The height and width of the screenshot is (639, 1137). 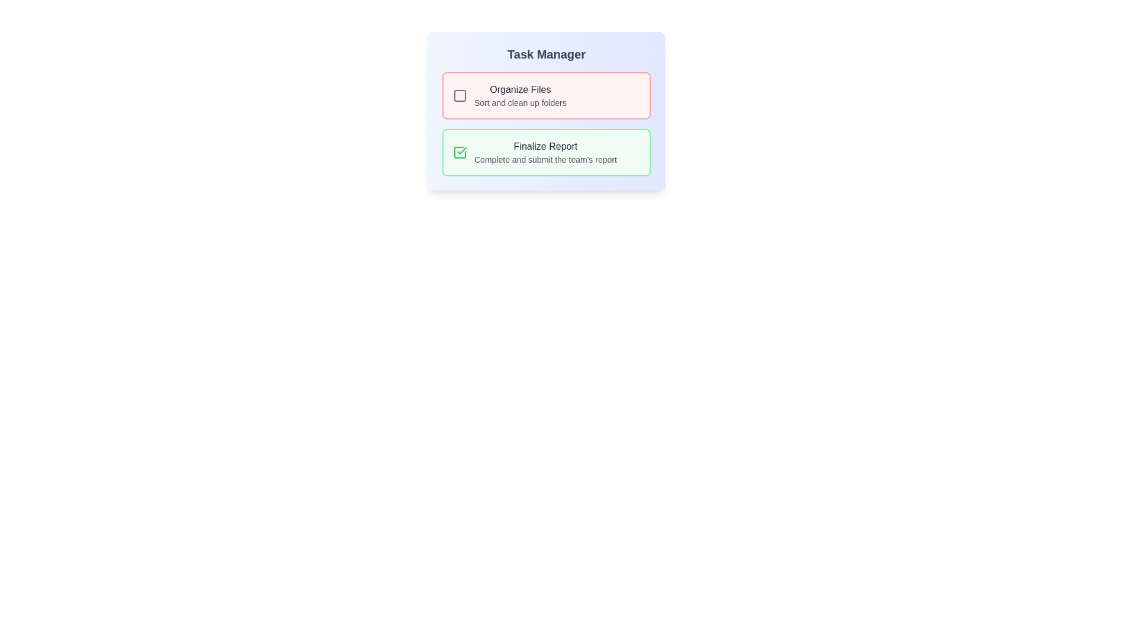 I want to click on the informational text element displaying 'Finalize Report' in a light green box, located directly to the right of a green checkmark icon, so click(x=545, y=152).